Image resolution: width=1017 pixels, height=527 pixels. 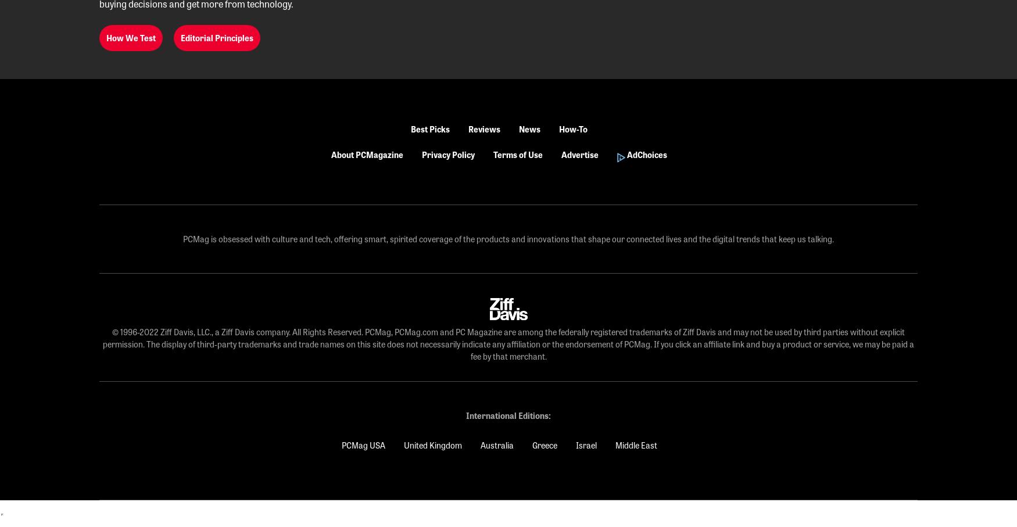 I want to click on 'Best Picks', so click(x=430, y=129).